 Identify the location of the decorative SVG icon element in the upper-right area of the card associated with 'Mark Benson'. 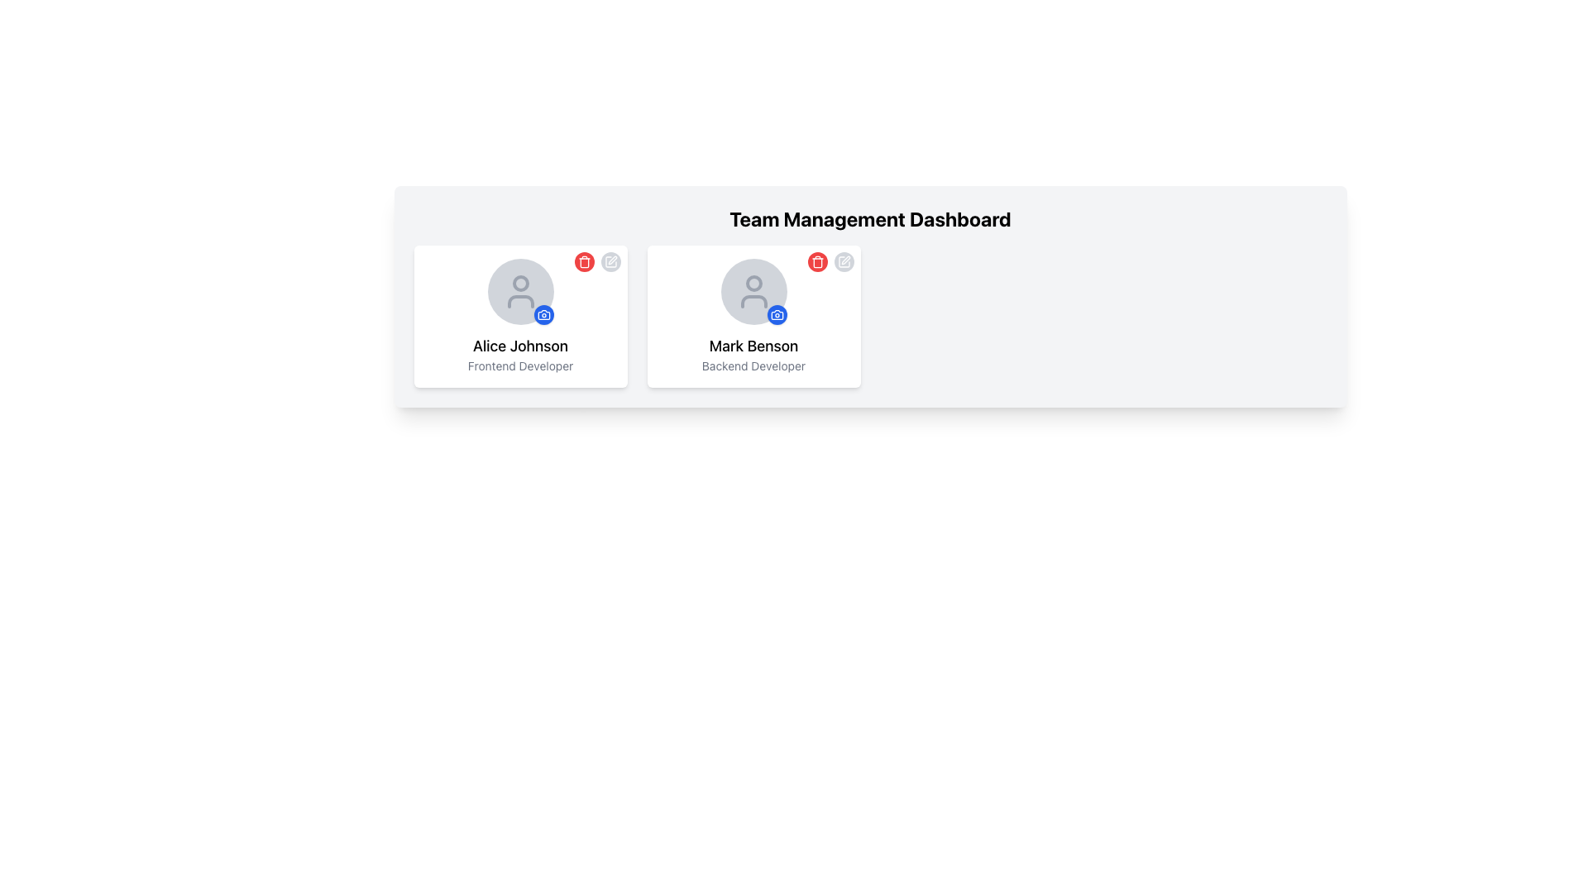
(844, 260).